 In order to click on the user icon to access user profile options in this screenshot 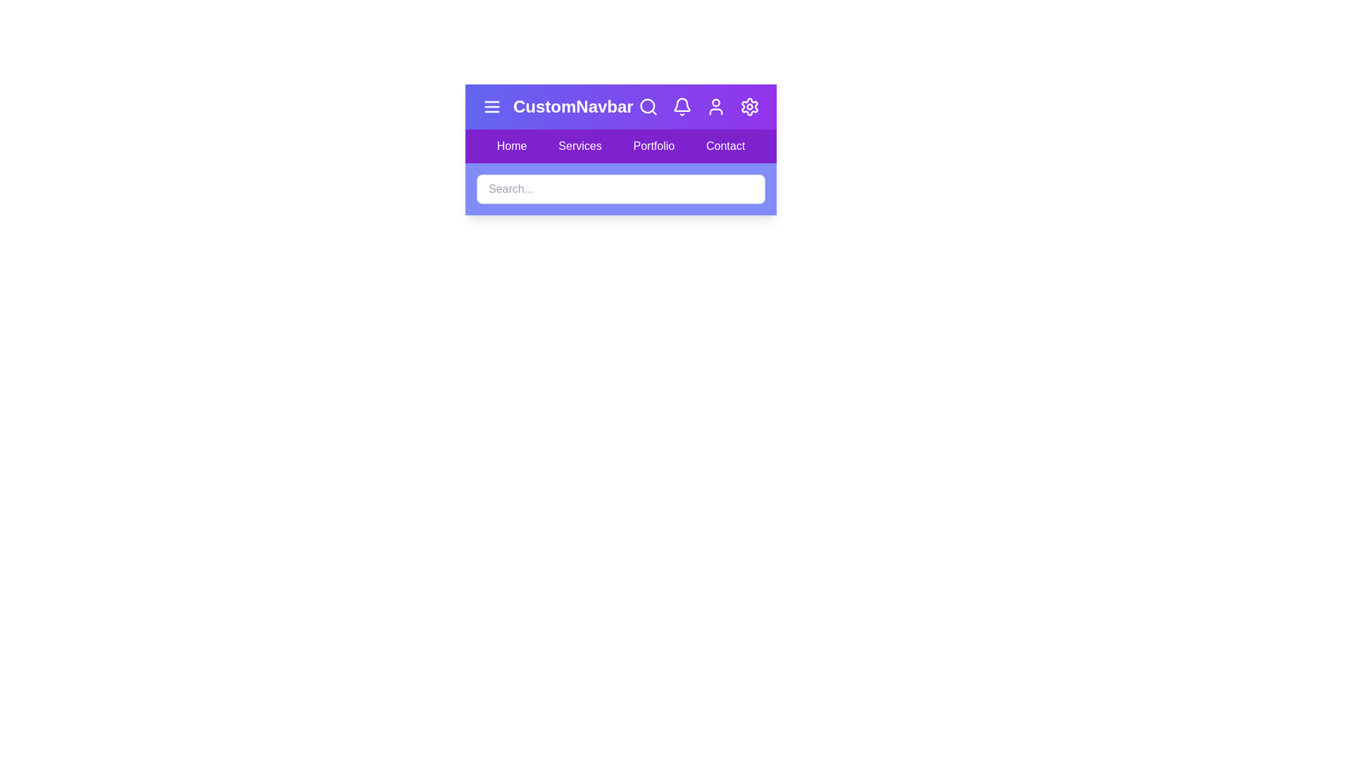, I will do `click(716, 106)`.